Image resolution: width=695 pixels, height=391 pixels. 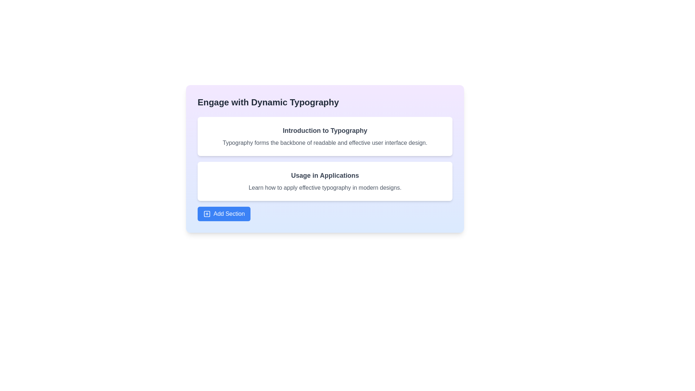 I want to click on the first descriptive card element that introduces the concept of typography in UI design, located above the second card titled 'Usage in Applications', so click(x=324, y=136).